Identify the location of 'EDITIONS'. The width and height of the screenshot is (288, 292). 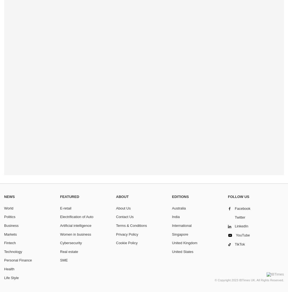
(180, 197).